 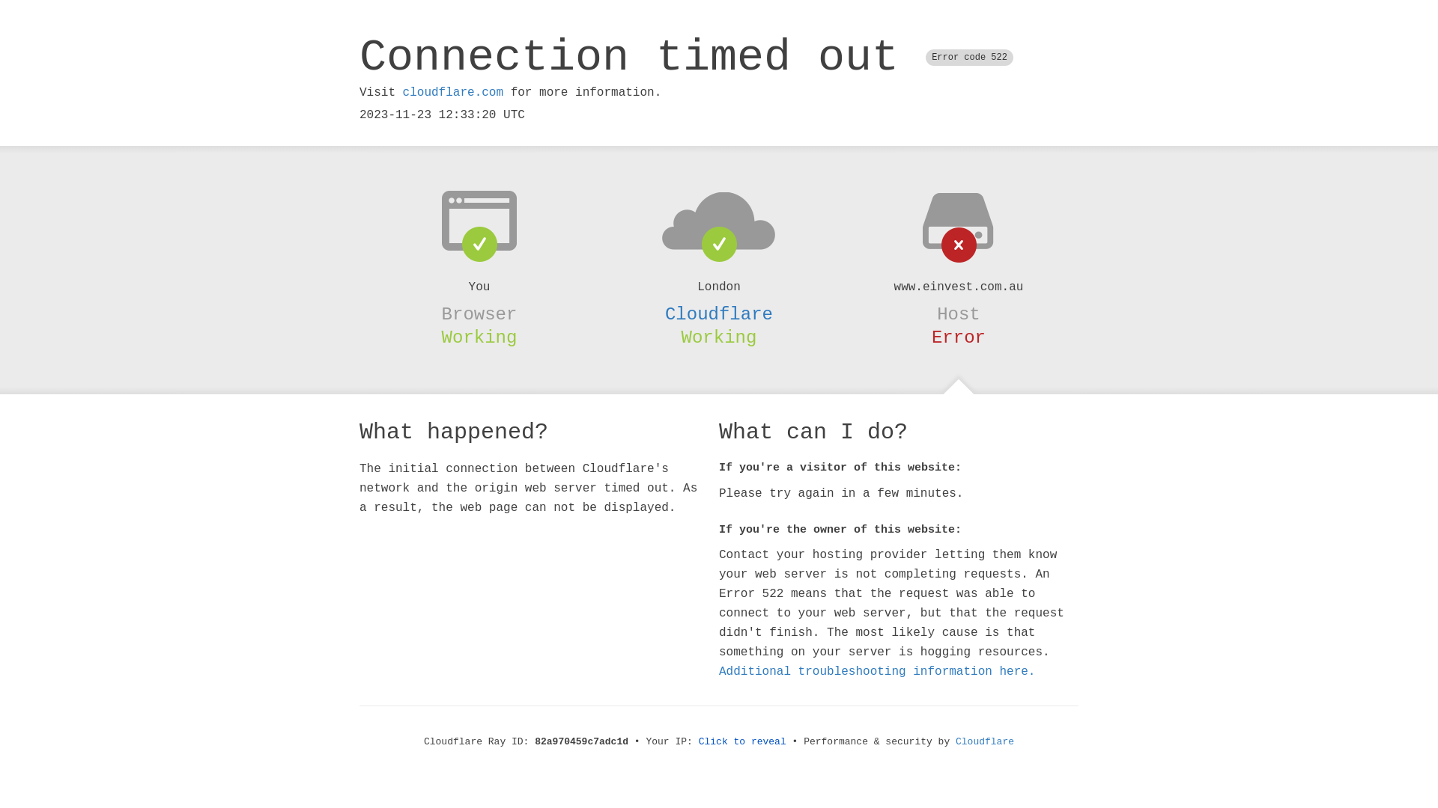 What do you see at coordinates (719, 313) in the screenshot?
I see `'Cloudflare'` at bounding box center [719, 313].